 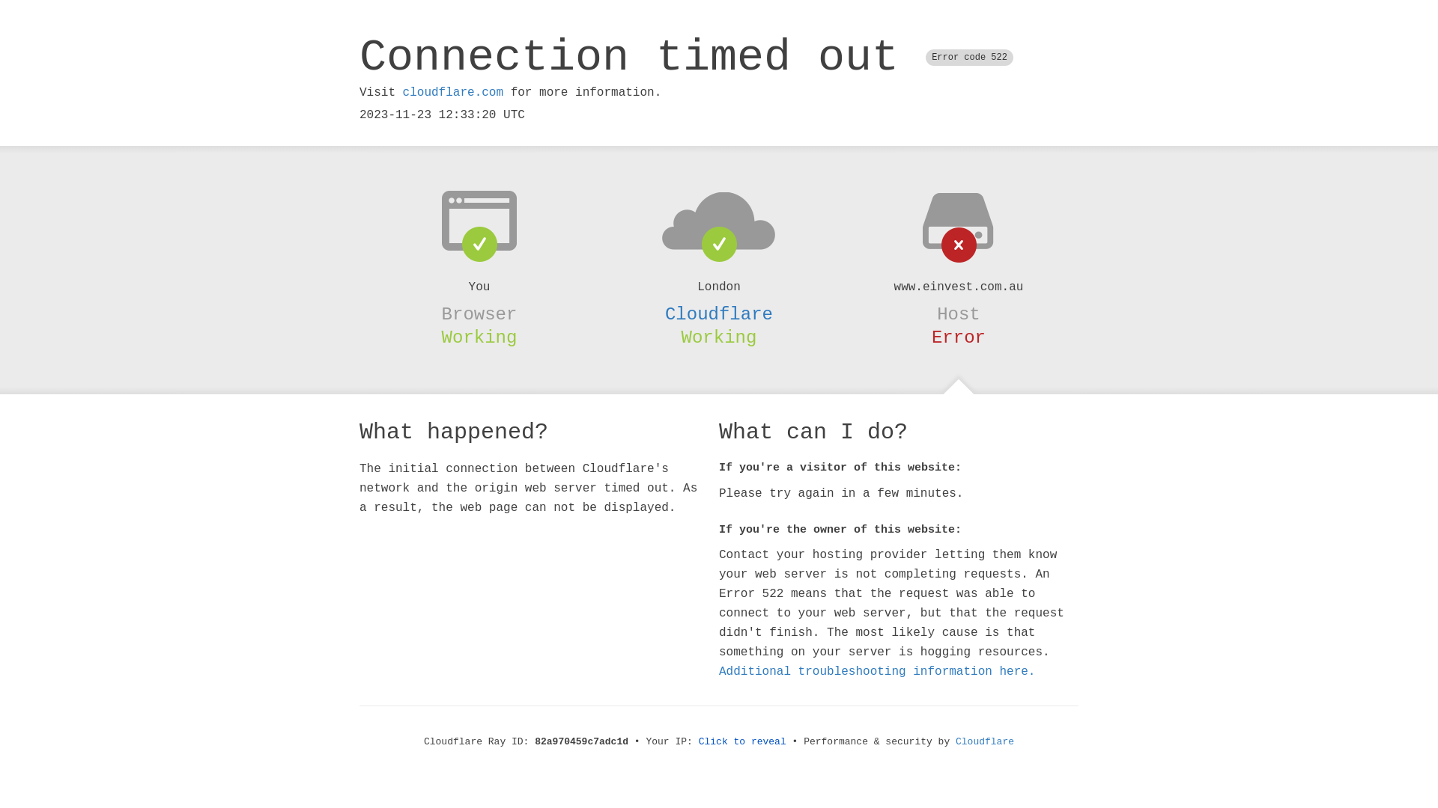 What do you see at coordinates (719, 313) in the screenshot?
I see `'Cloudflare'` at bounding box center [719, 313].